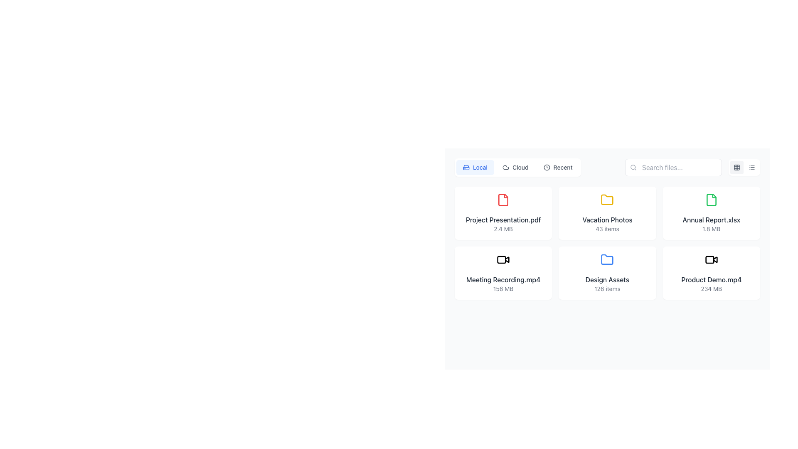  What do you see at coordinates (607, 200) in the screenshot?
I see `the yellow folder icon located at the top of the 'Vacation Photos' card, which is positioned centrally in the grid layout` at bounding box center [607, 200].